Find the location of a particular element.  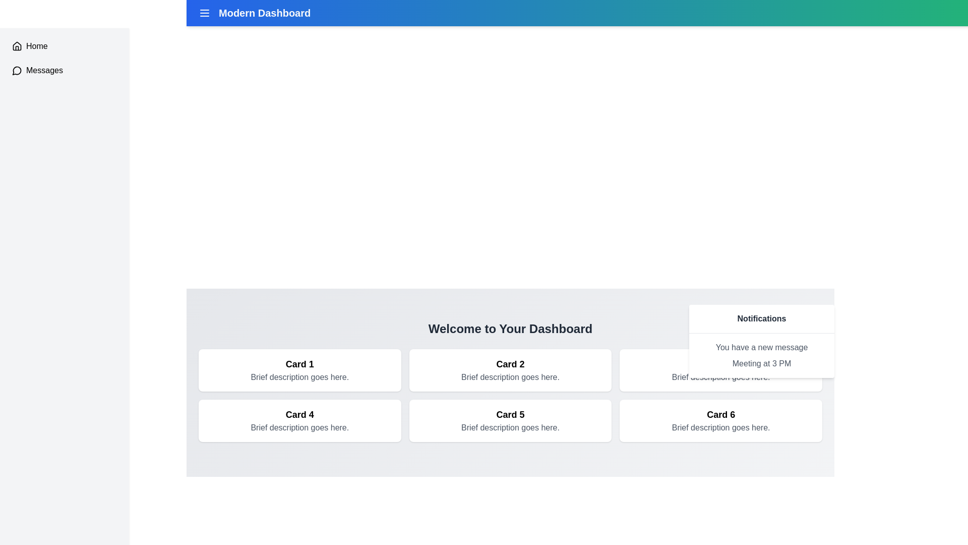

the Informational card located in the middle column of the top row in the dashboard layout is located at coordinates (510, 370).